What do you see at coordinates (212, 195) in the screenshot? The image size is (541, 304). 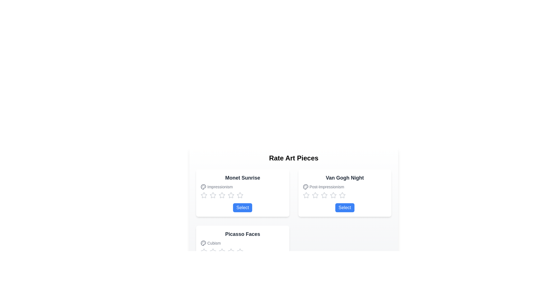 I see `the third star icon in the rating section of the 'Monet Sunrise' card` at bounding box center [212, 195].